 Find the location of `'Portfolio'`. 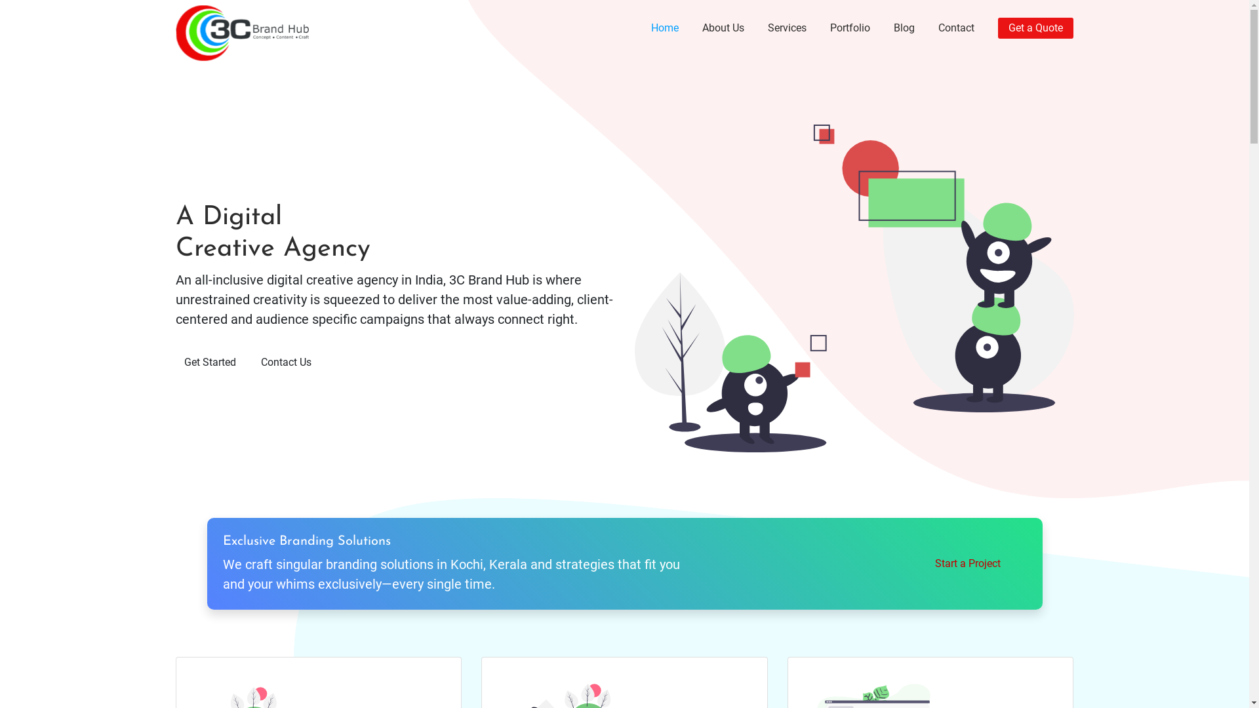

'Portfolio' is located at coordinates (850, 28).